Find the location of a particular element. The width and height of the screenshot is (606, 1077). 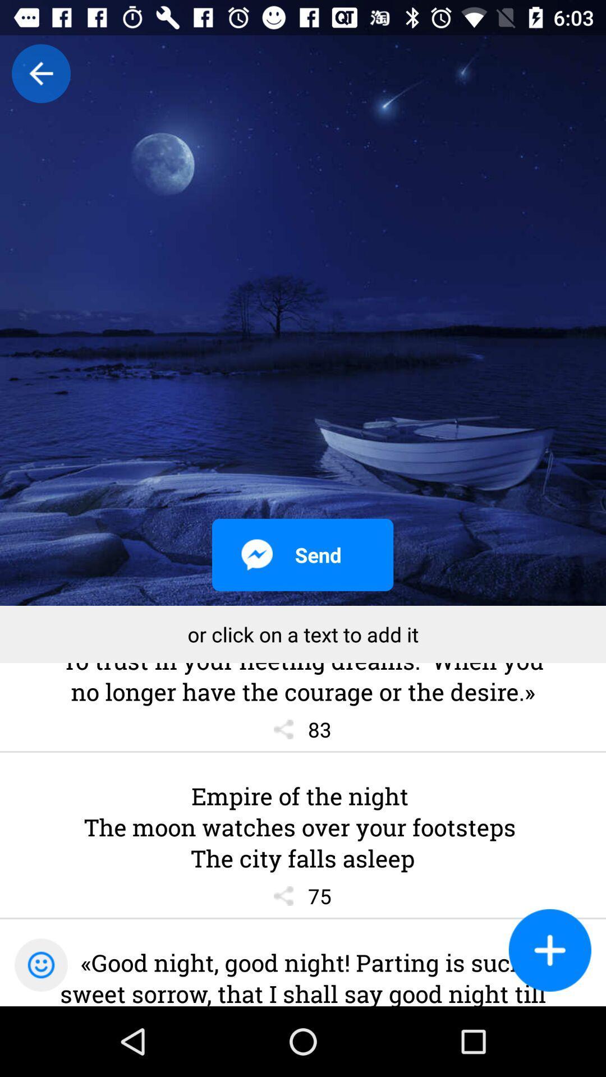

the add icon is located at coordinates (549, 950).